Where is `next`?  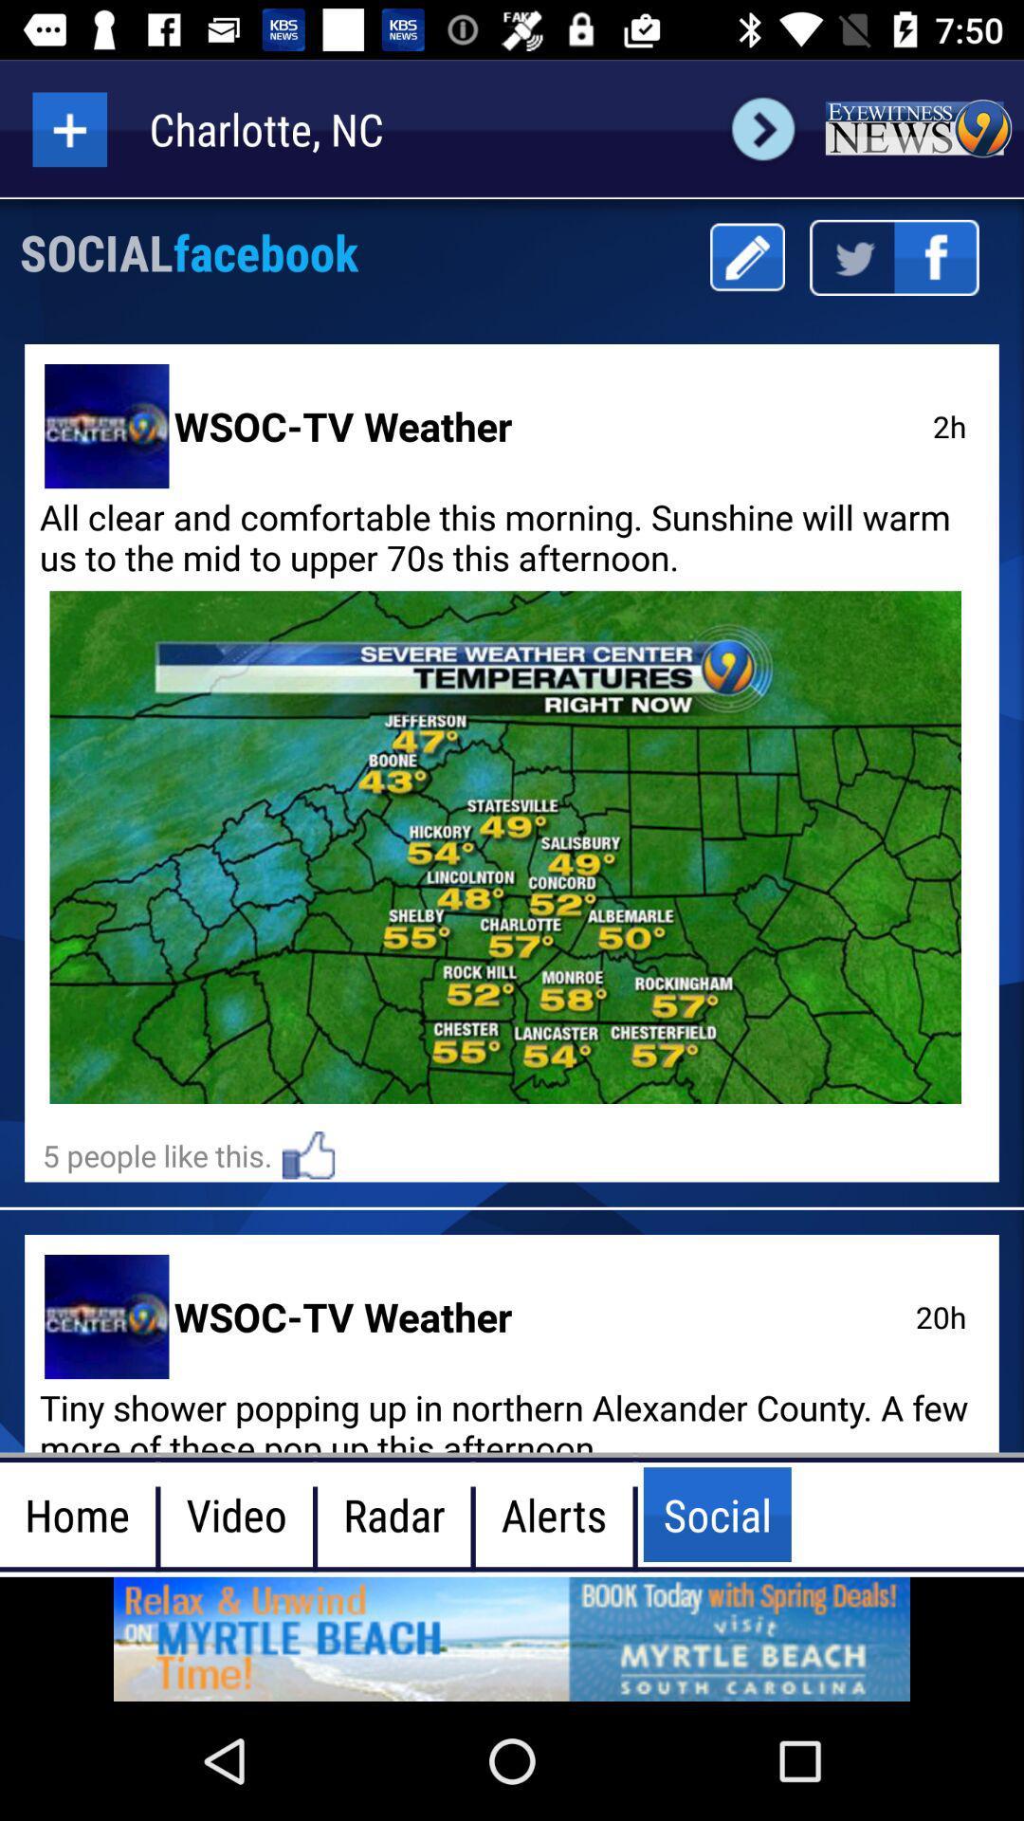
next is located at coordinates (762, 128).